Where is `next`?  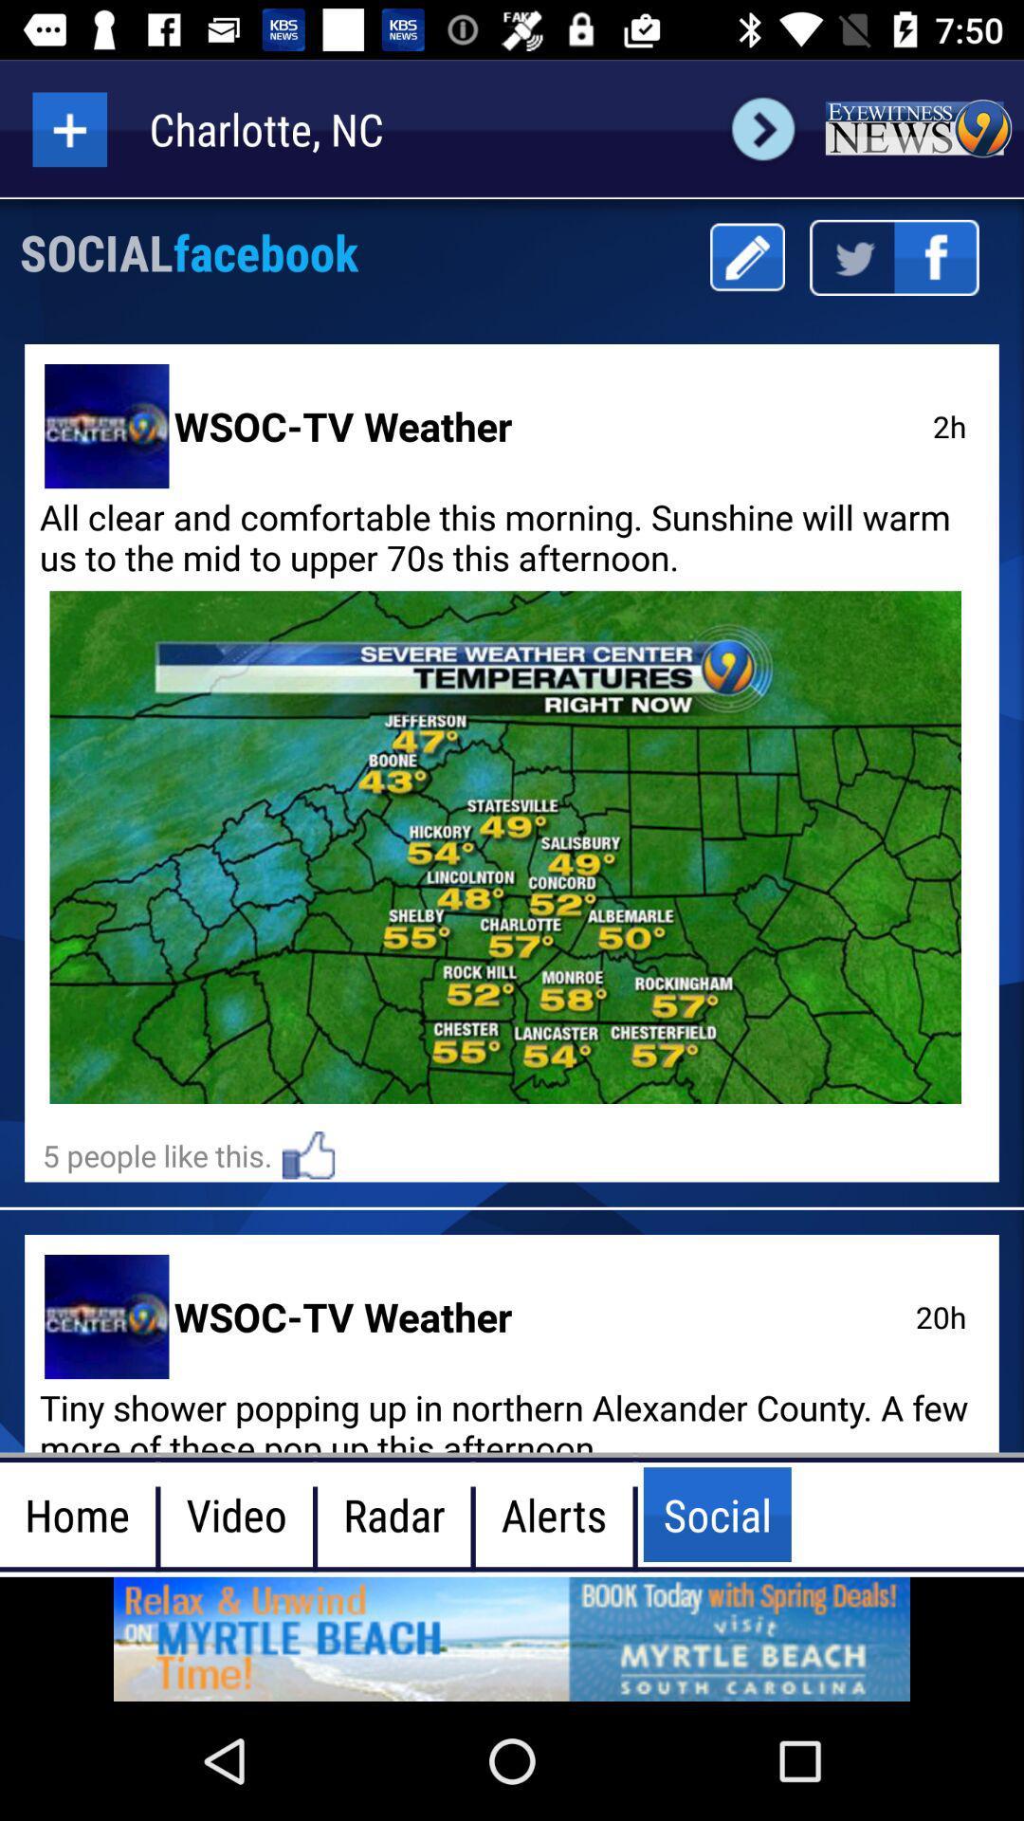
next is located at coordinates (762, 128).